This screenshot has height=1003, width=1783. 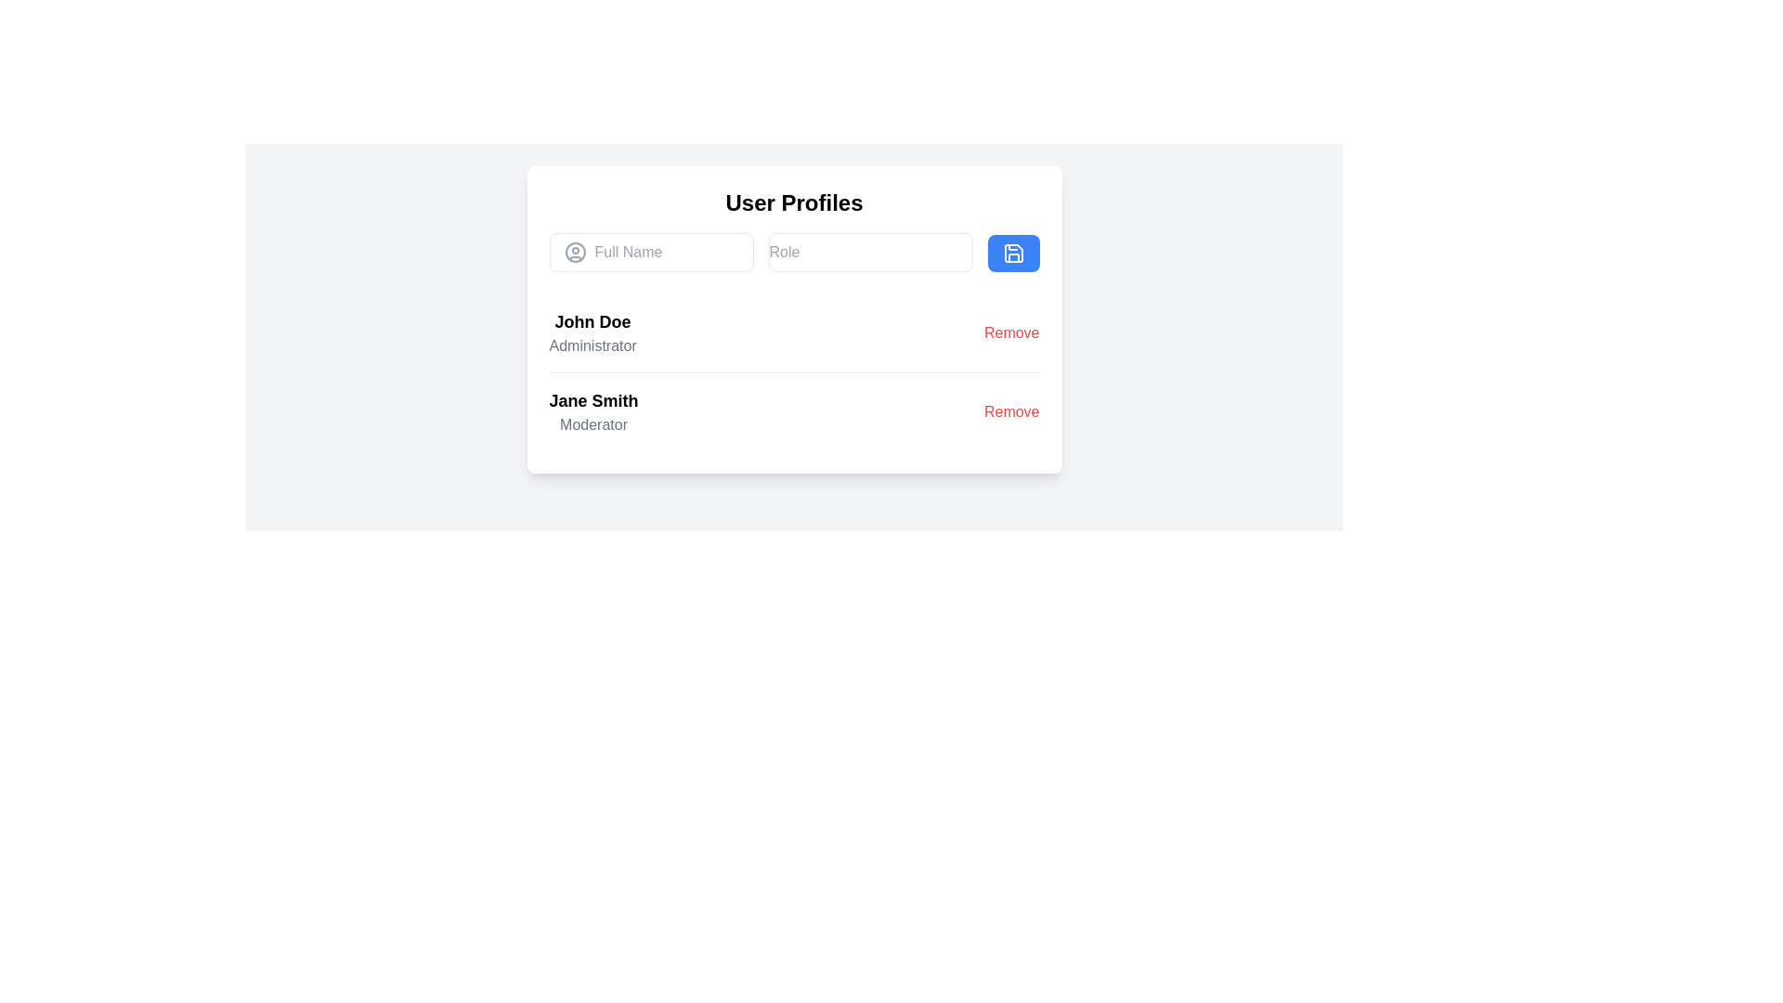 I want to click on the text label displaying 'John Doe' styled in bold with the subtitle 'Administrator', located in the first entry under the 'User Profiles' section, so click(x=592, y=332).